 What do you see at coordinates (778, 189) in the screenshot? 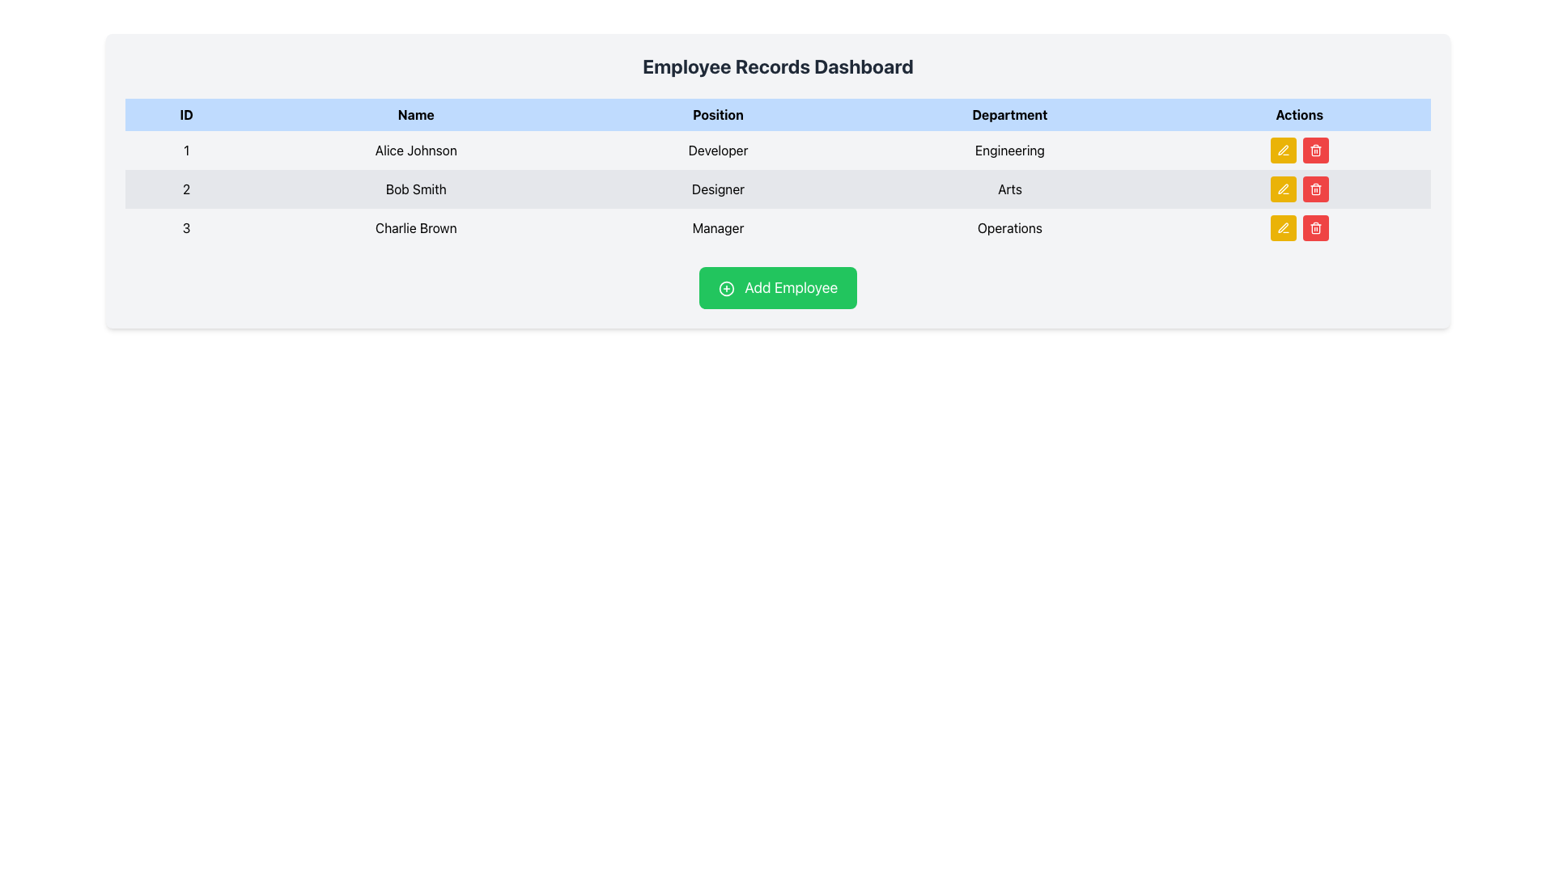
I see `the second row in the employee information table displaying data for 'Bob Smith'` at bounding box center [778, 189].